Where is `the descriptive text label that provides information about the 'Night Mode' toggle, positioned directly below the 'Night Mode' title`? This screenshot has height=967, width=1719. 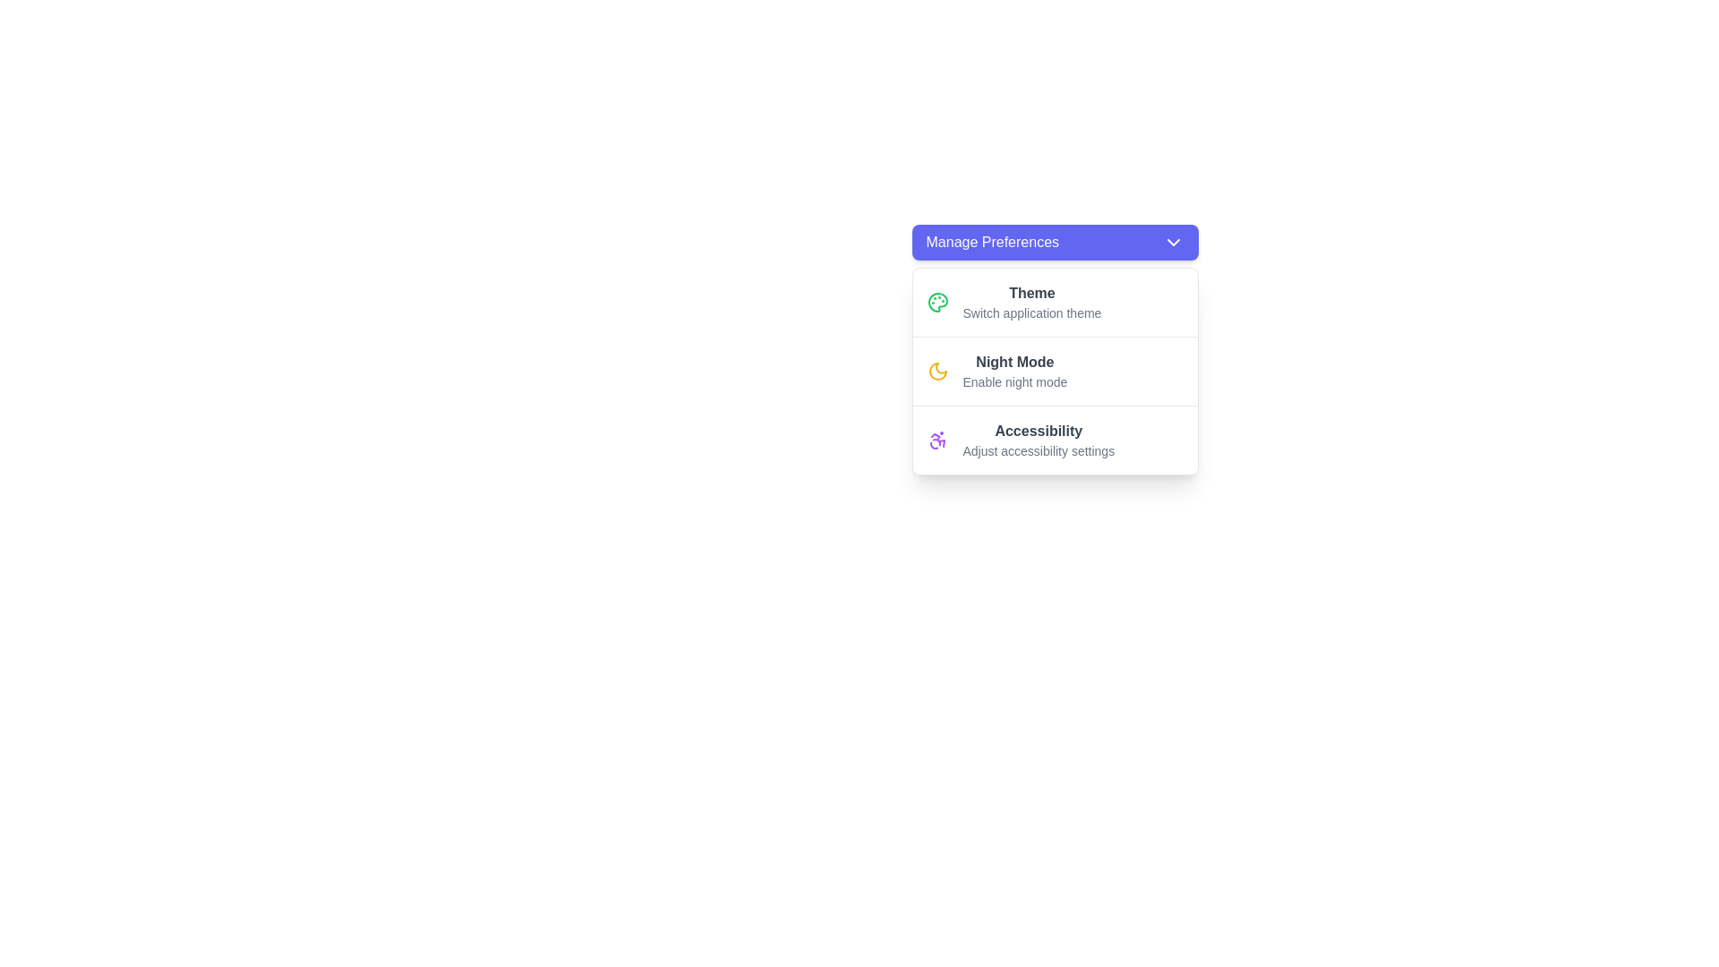
the descriptive text label that provides information about the 'Night Mode' toggle, positioned directly below the 'Night Mode' title is located at coordinates (1014, 381).